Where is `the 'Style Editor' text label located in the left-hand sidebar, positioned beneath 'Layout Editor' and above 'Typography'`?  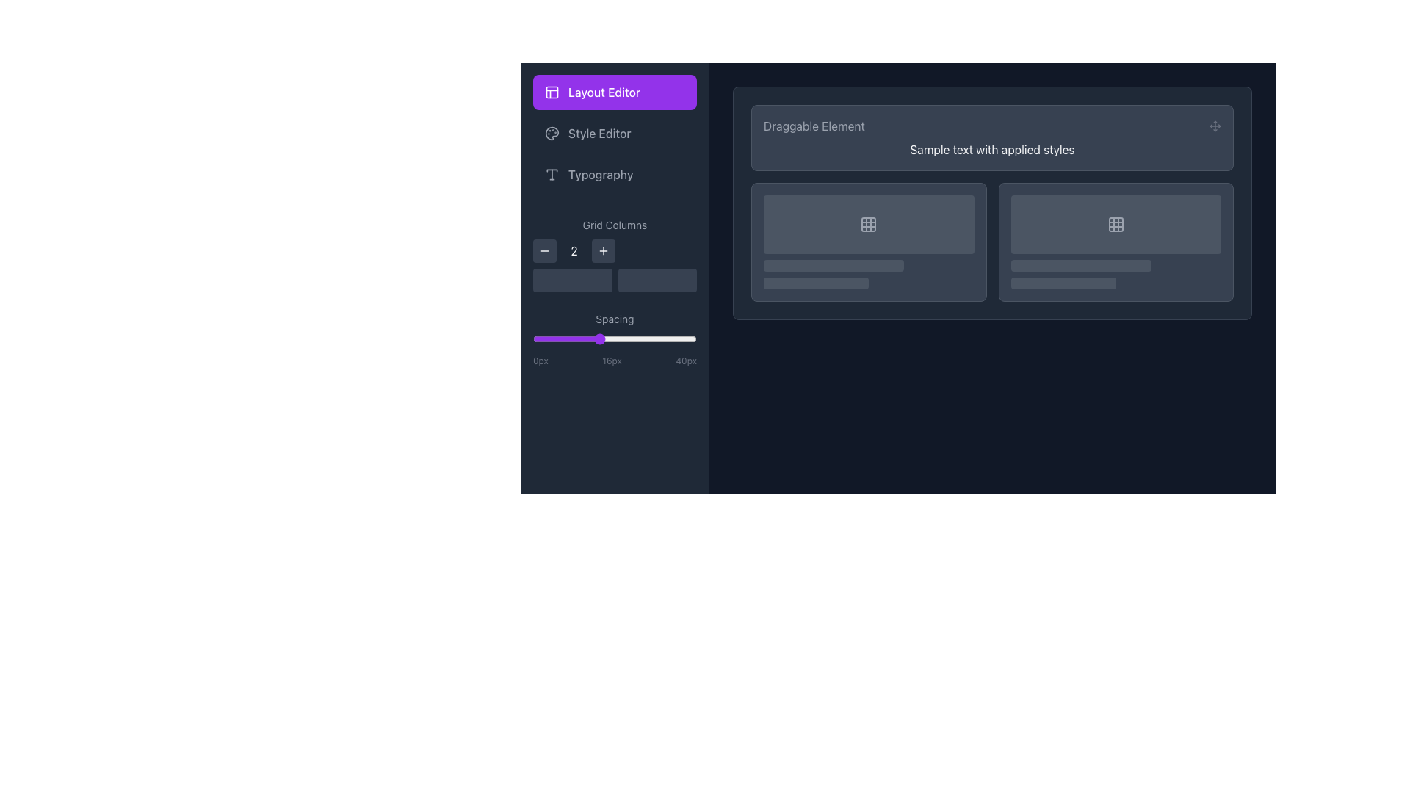
the 'Style Editor' text label located in the left-hand sidebar, positioned beneath 'Layout Editor' and above 'Typography' is located at coordinates (599, 133).